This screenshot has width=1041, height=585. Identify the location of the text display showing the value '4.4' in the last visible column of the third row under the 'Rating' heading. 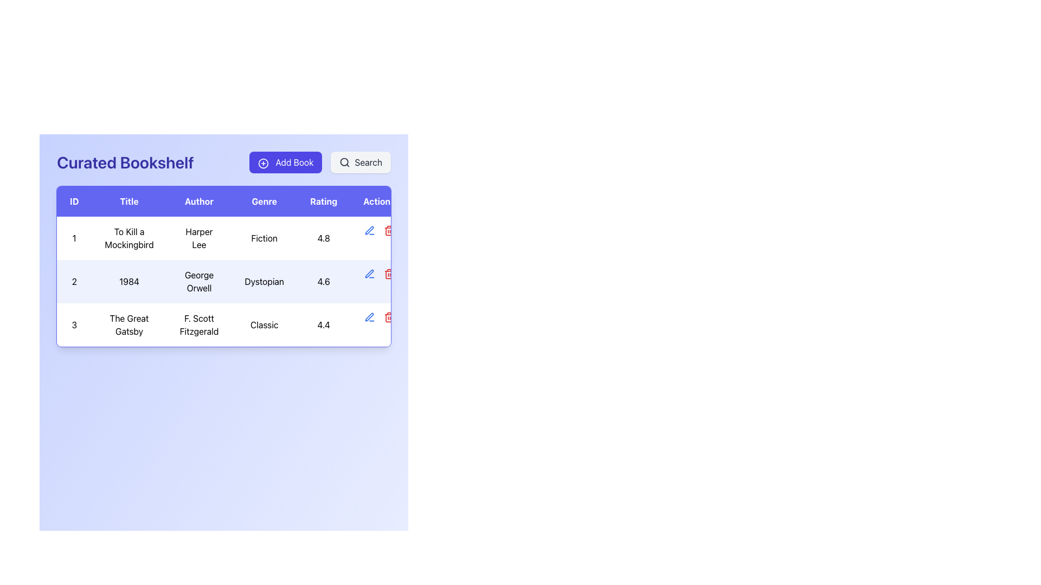
(323, 324).